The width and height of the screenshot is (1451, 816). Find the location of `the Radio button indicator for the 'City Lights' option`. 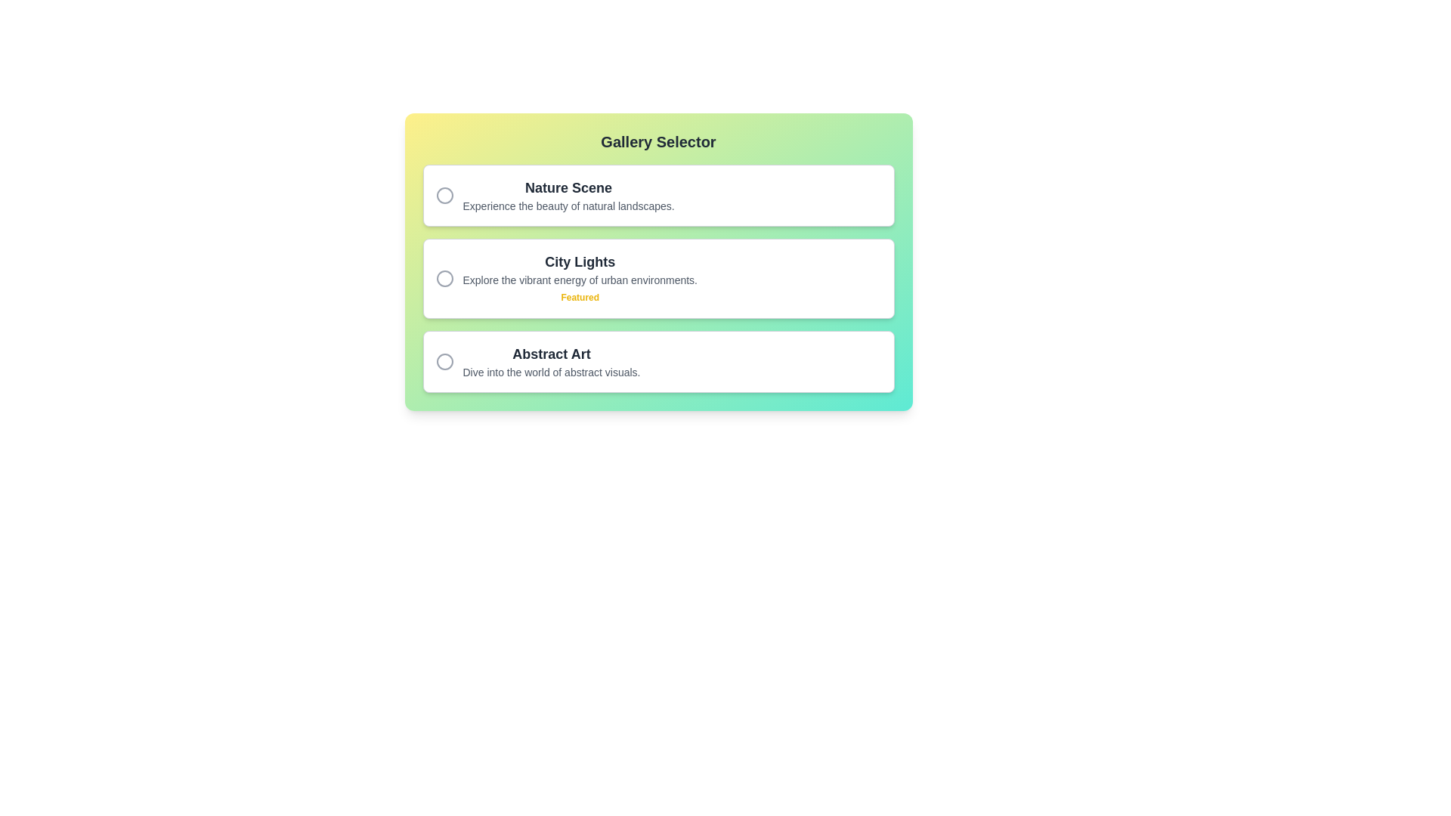

the Radio button indicator for the 'City Lights' option is located at coordinates (444, 279).